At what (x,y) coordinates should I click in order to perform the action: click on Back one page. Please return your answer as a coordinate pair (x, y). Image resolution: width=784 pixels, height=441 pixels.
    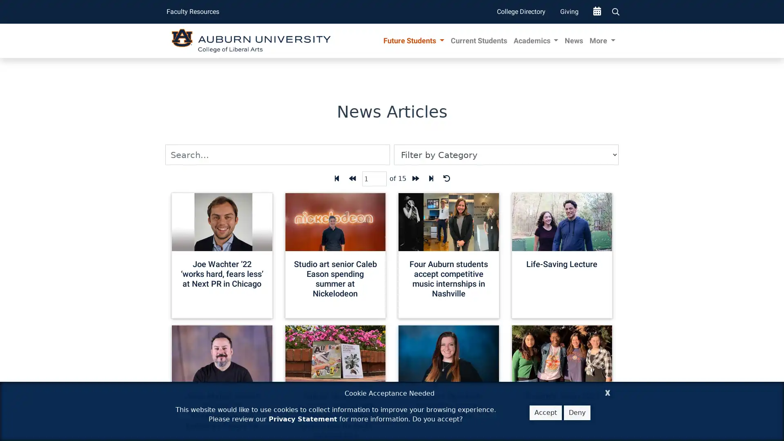
    Looking at the image, I should click on (352, 178).